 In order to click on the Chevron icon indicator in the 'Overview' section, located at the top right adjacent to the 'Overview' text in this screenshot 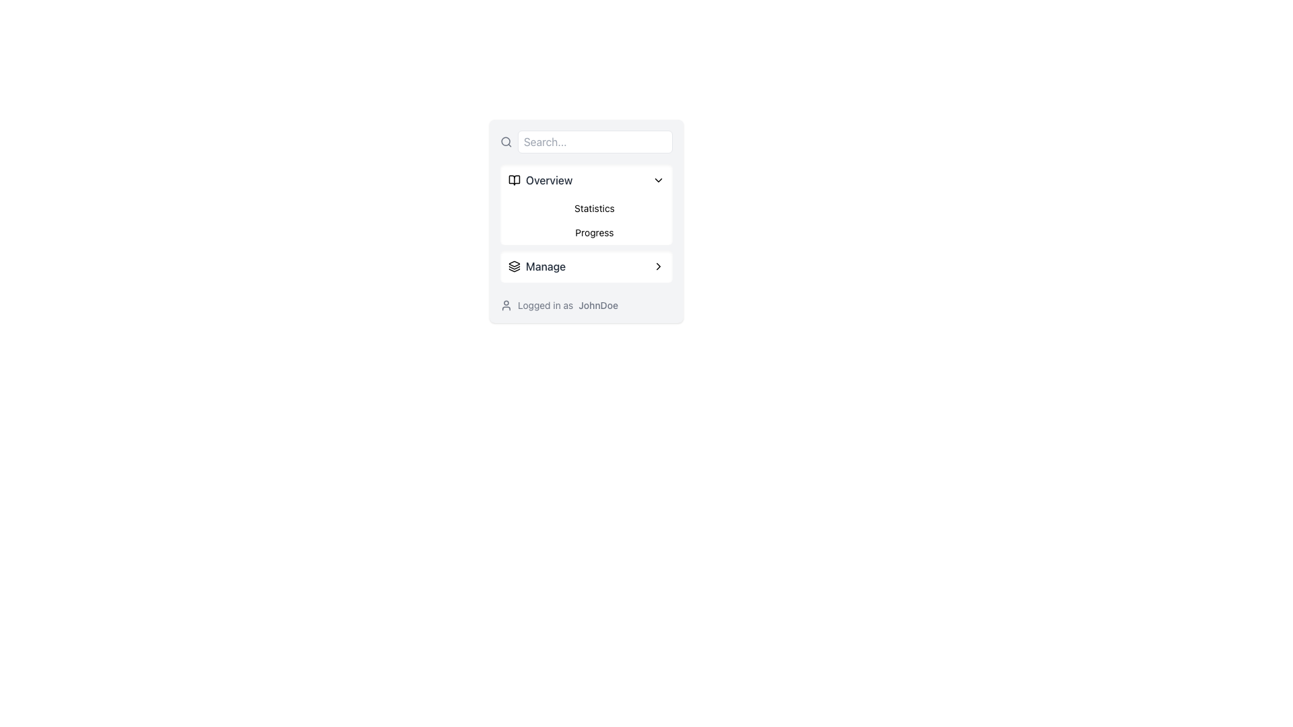, I will do `click(659, 179)`.